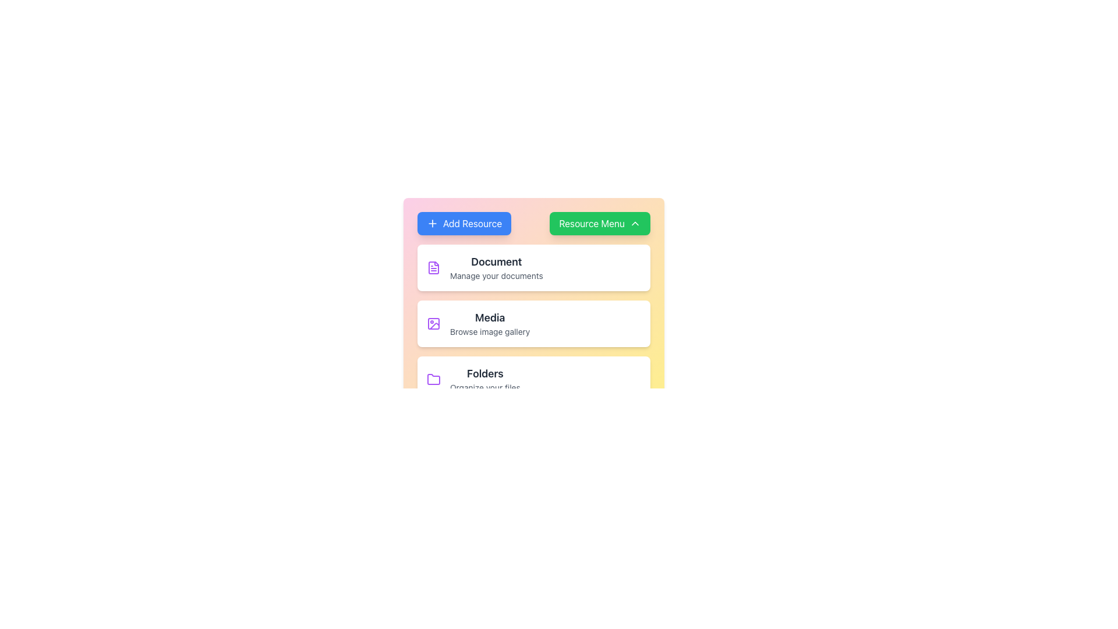 The width and height of the screenshot is (1118, 629). What do you see at coordinates (496, 276) in the screenshot?
I see `the text label that reads 'Manage your documents', which is positioned below the bold heading 'Document'` at bounding box center [496, 276].